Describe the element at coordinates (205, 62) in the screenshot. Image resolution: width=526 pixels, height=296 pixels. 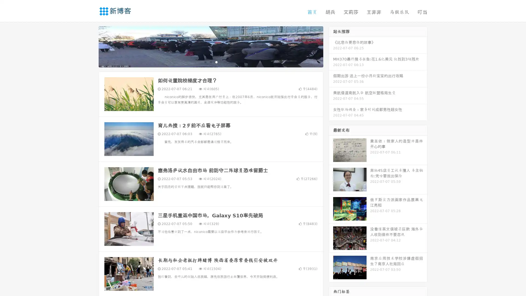
I see `Go to slide 1` at that location.